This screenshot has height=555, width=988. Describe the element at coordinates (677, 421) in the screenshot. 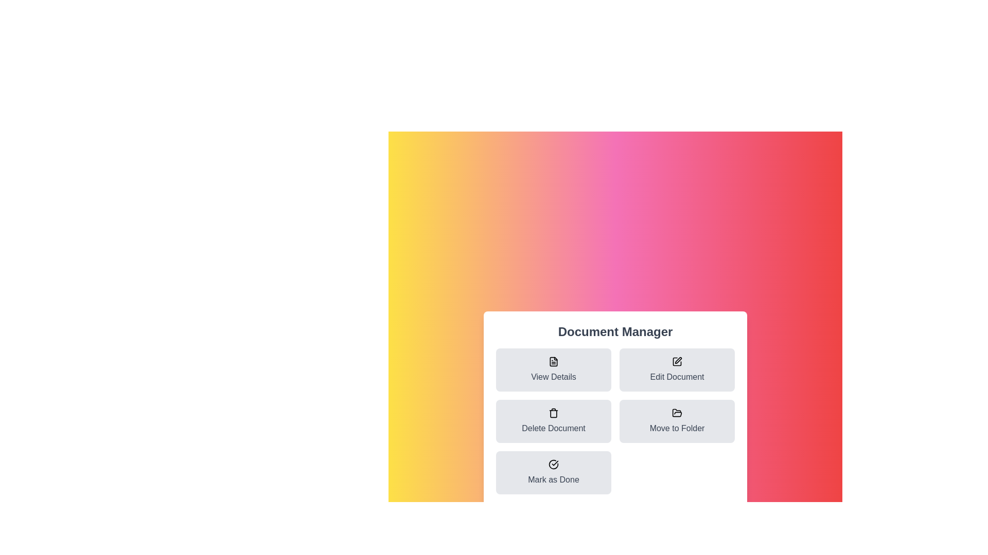

I see `the 'Move to Folder' button to move the document to a folder` at that location.